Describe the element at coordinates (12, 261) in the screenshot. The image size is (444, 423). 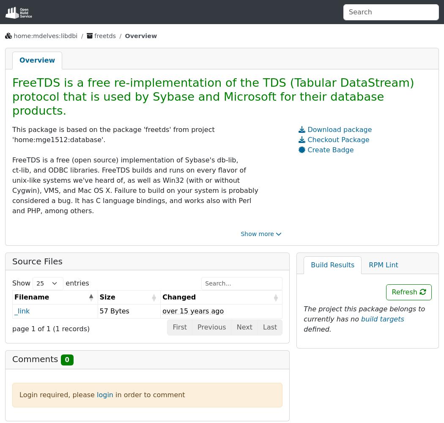
I see `'Source Files'` at that location.